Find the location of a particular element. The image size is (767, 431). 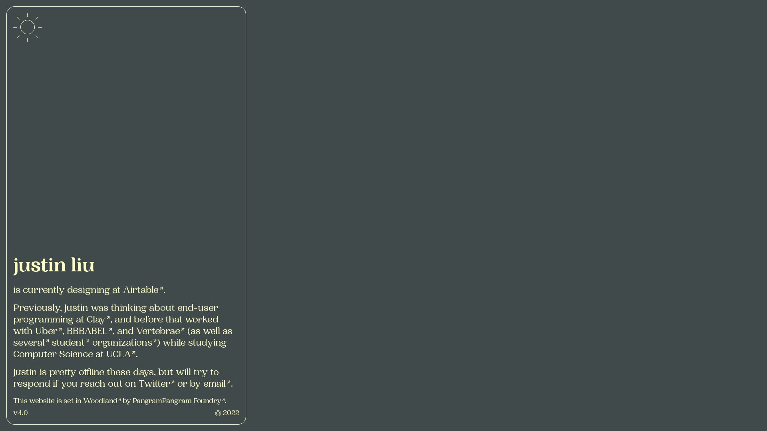

'Airtable' is located at coordinates (122, 291).